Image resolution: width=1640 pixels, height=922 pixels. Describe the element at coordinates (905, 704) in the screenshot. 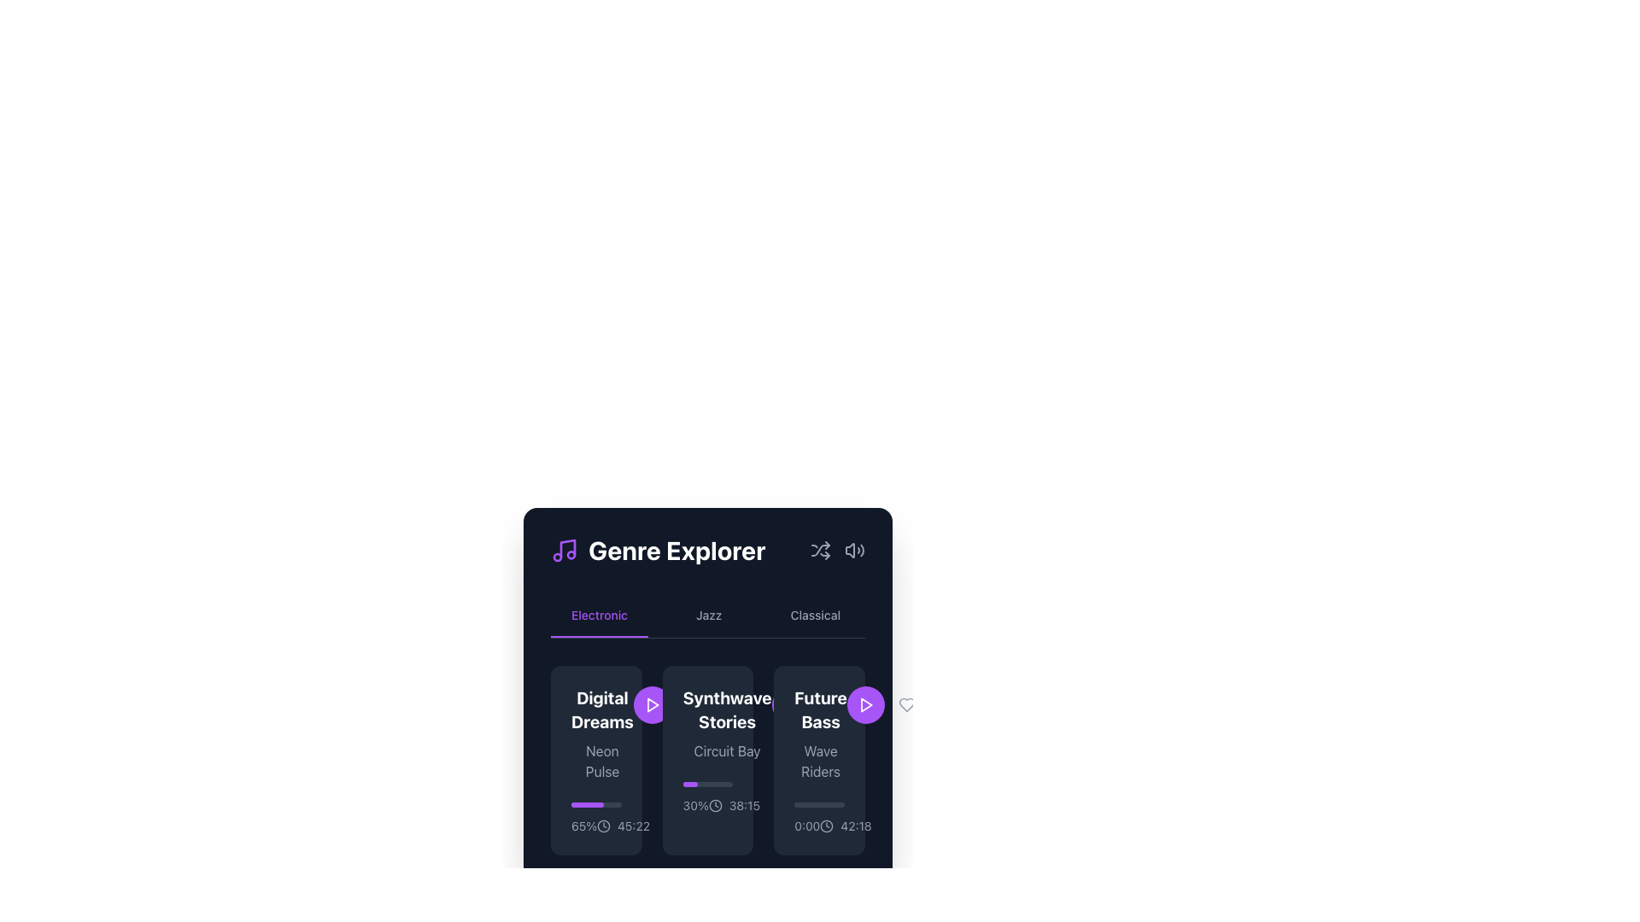

I see `the heart-shaped icon located` at that location.